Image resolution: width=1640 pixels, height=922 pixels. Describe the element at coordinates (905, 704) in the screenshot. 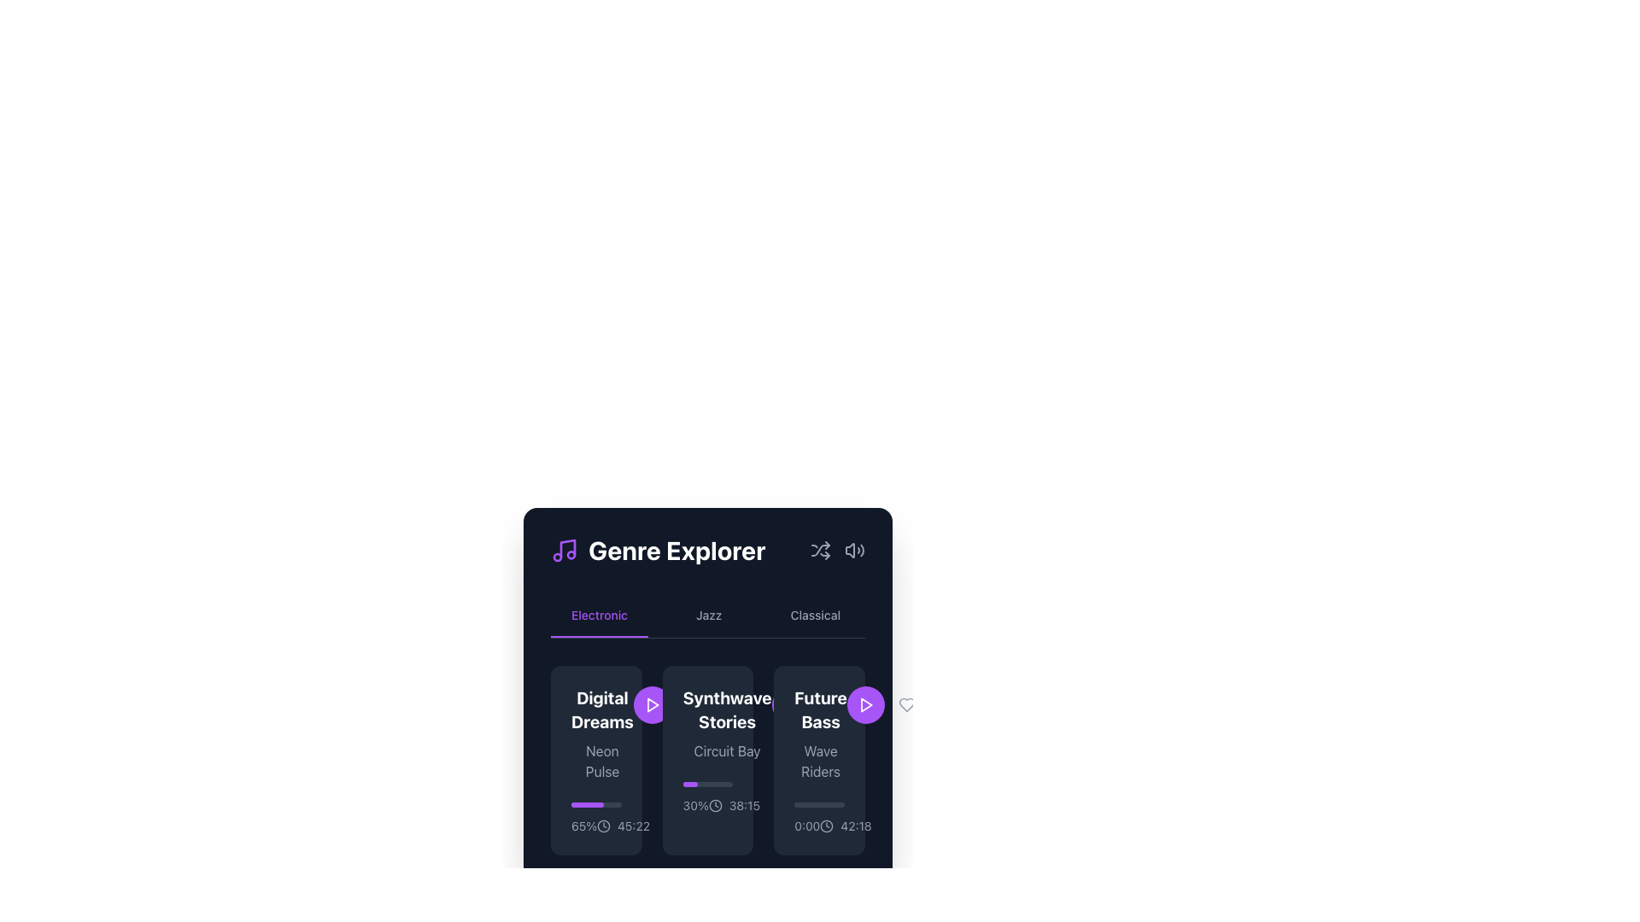

I see `the heart-shaped icon located` at that location.